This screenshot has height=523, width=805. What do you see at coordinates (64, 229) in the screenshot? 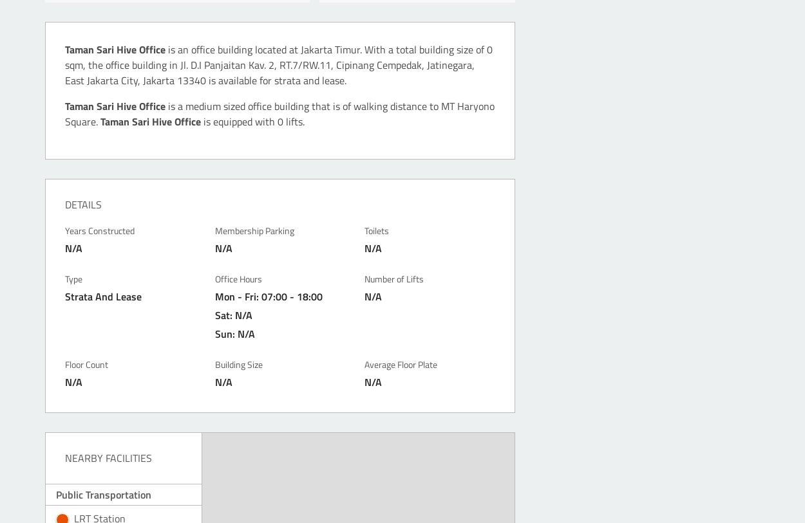
I see `'Years Constructed'` at bounding box center [64, 229].